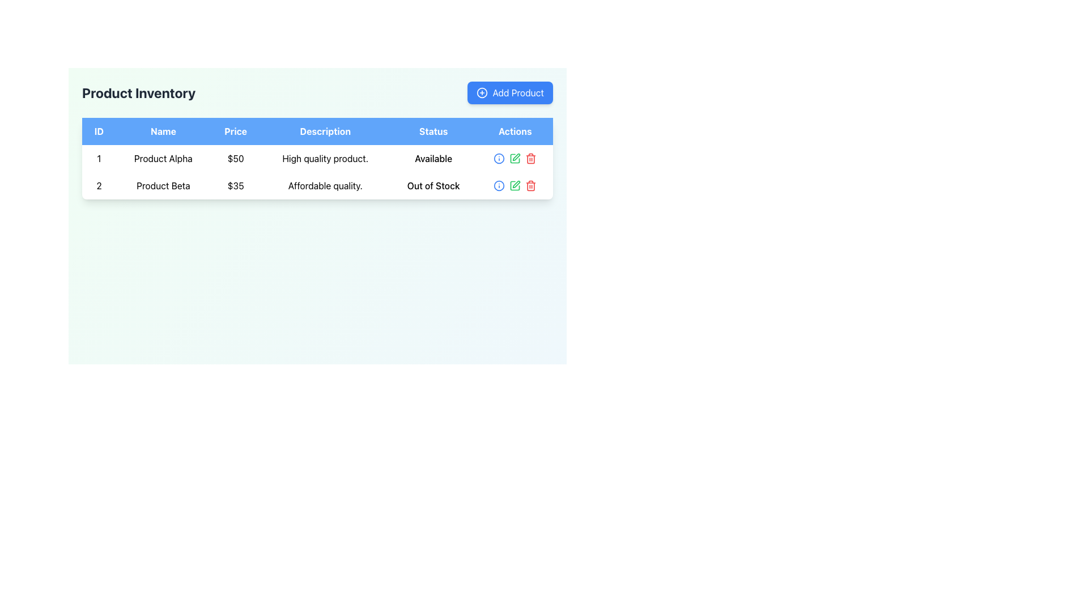 The width and height of the screenshot is (1088, 612). Describe the element at coordinates (530, 185) in the screenshot. I see `the red trash bin icon in the 'Actions' column of the second product row in the 'Product Inventory' table` at that location.